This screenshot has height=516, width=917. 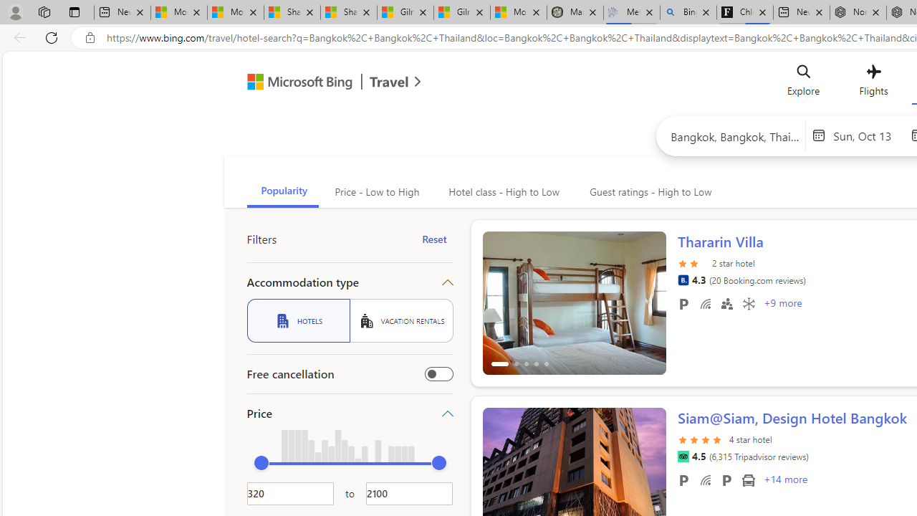 What do you see at coordinates (282, 191) in the screenshot?
I see `'Popularity'` at bounding box center [282, 191].